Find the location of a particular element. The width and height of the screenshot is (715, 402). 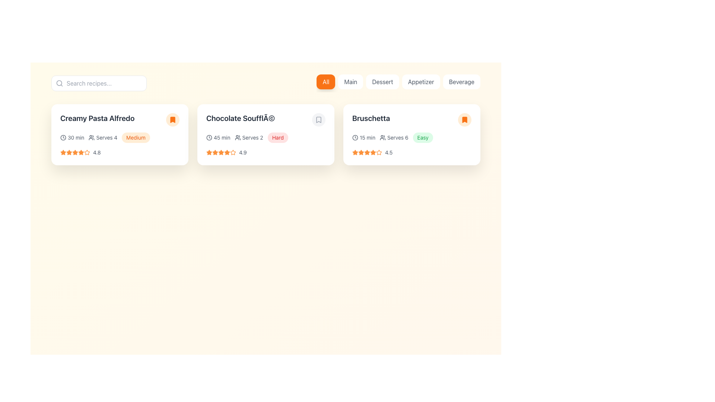

the second star icon in the rating system for the 'Chocolate Soufflé' recipe is located at coordinates (226, 152).